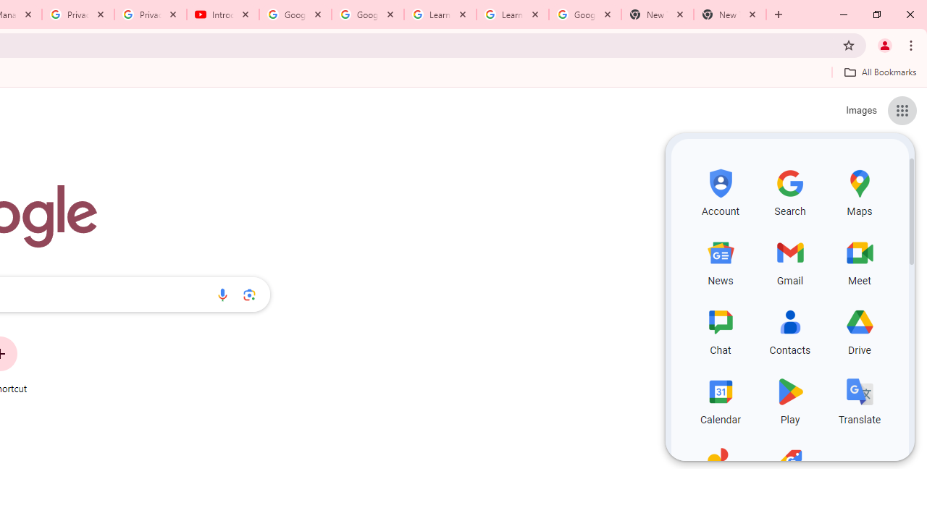  I want to click on 'Translate, row 4 of 5 and column 3 of 3 in the first section', so click(860, 399).